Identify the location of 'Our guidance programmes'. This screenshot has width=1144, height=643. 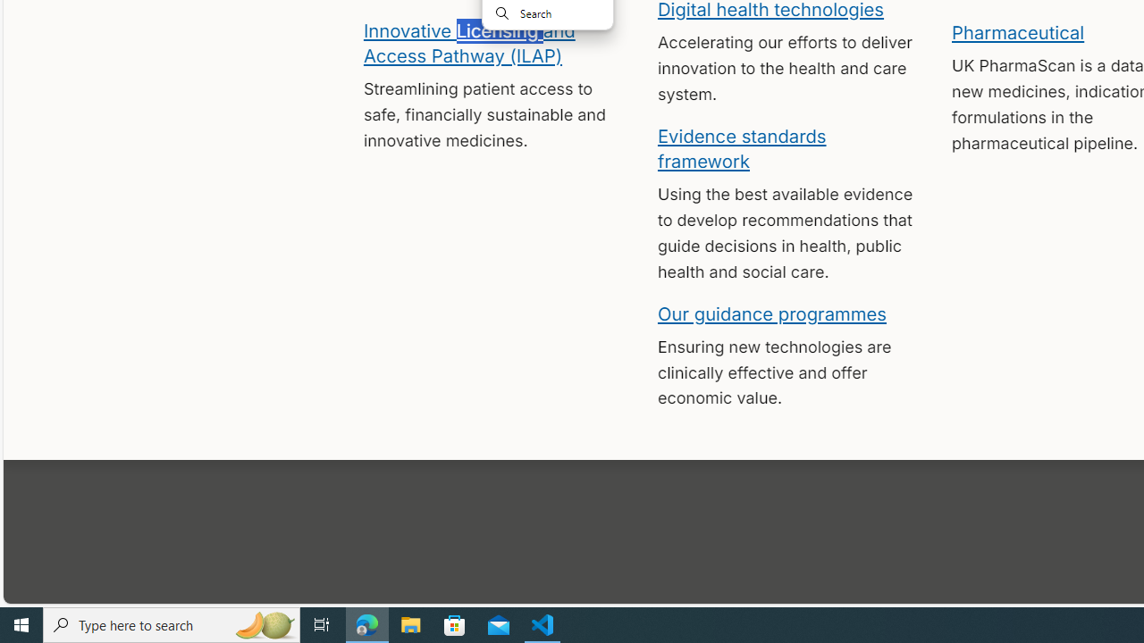
(772, 313).